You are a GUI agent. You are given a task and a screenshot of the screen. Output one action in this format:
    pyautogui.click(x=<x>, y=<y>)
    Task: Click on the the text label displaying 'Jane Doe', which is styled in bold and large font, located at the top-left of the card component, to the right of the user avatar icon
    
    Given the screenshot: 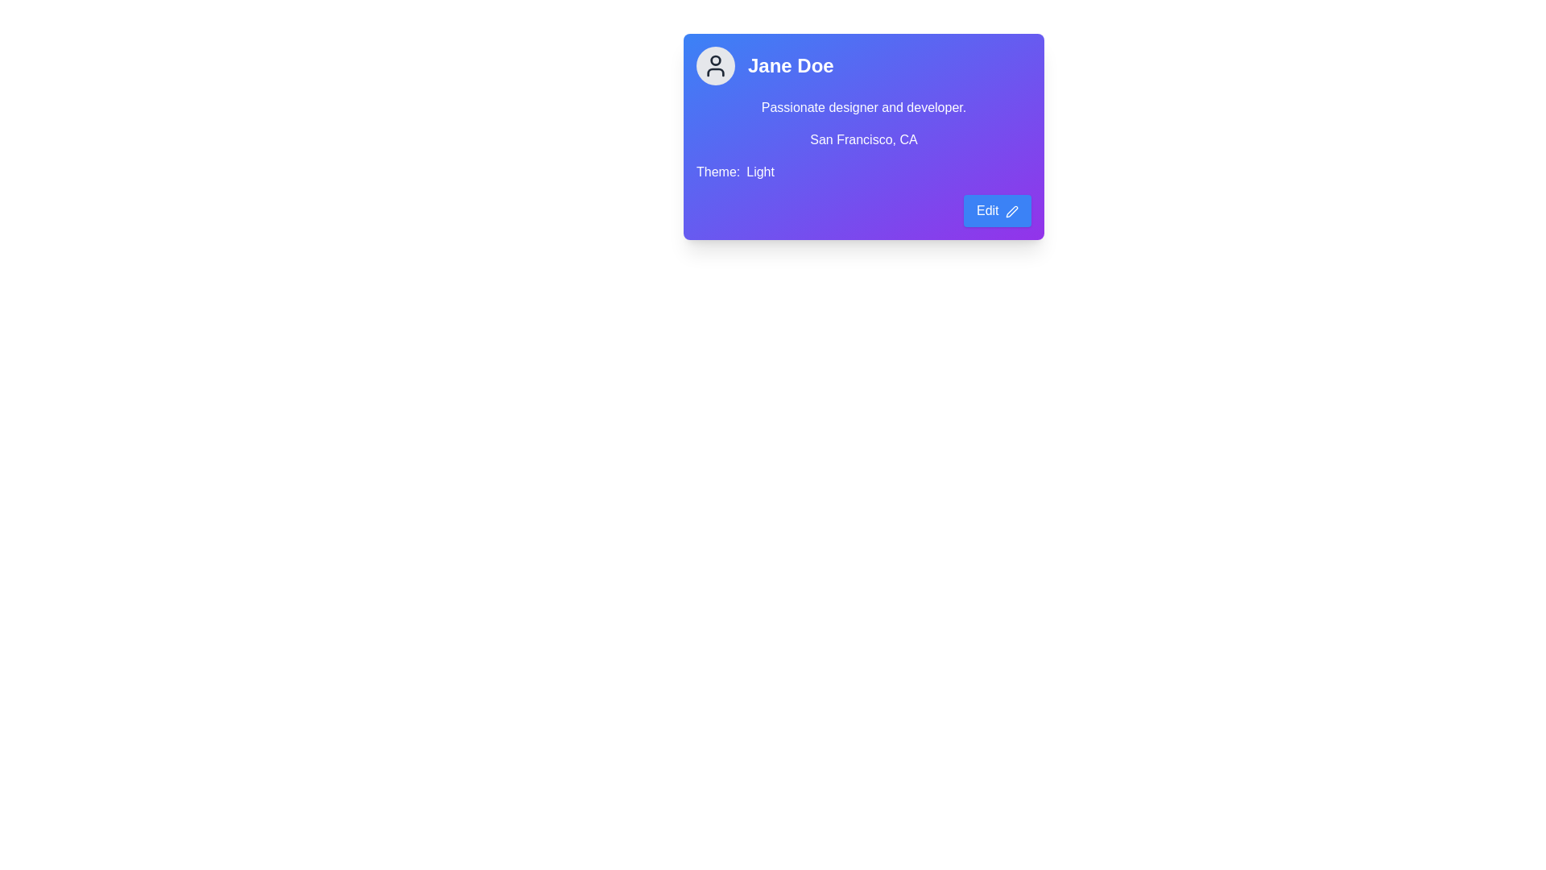 What is the action you would take?
    pyautogui.click(x=791, y=64)
    